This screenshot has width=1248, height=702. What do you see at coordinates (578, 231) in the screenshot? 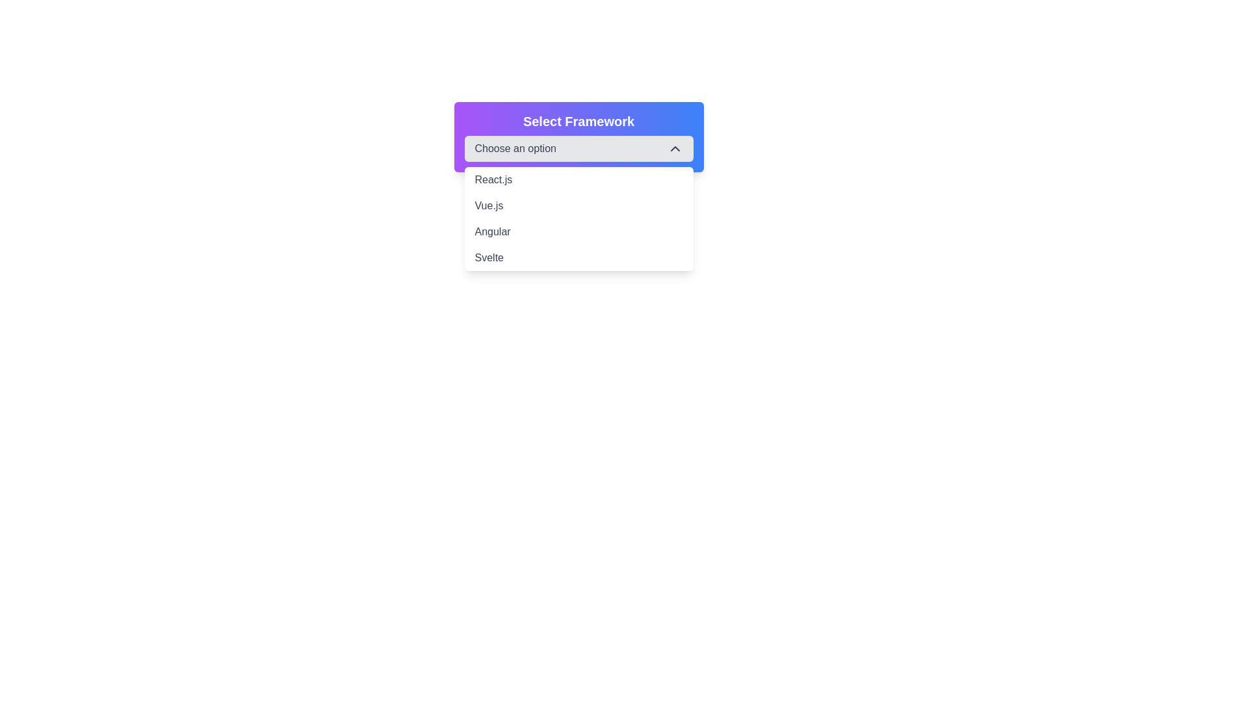
I see `the 'Angular' framework option in the dropdown menu, which is the third option in the list, positioned between 'Vue.js' and 'Svelte'` at bounding box center [578, 231].